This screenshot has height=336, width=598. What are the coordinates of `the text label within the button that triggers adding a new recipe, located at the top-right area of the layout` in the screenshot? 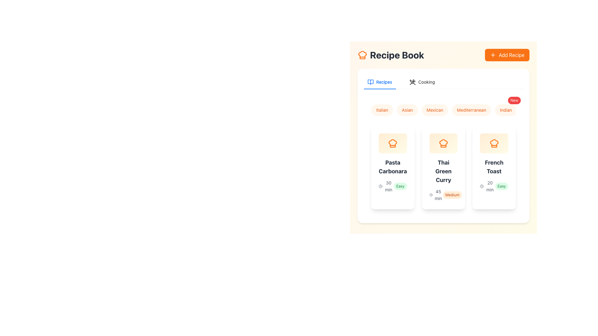 It's located at (511, 55).